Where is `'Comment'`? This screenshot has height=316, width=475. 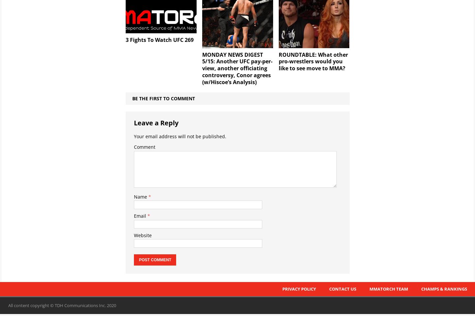
'Comment' is located at coordinates (144, 147).